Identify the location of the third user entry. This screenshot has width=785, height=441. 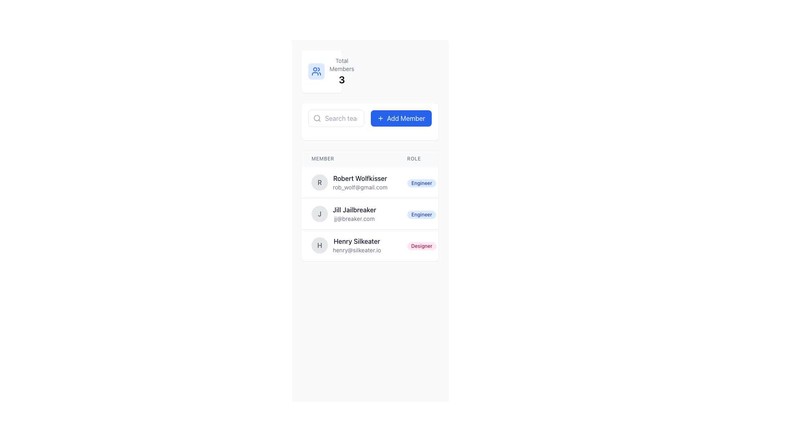
(446, 245).